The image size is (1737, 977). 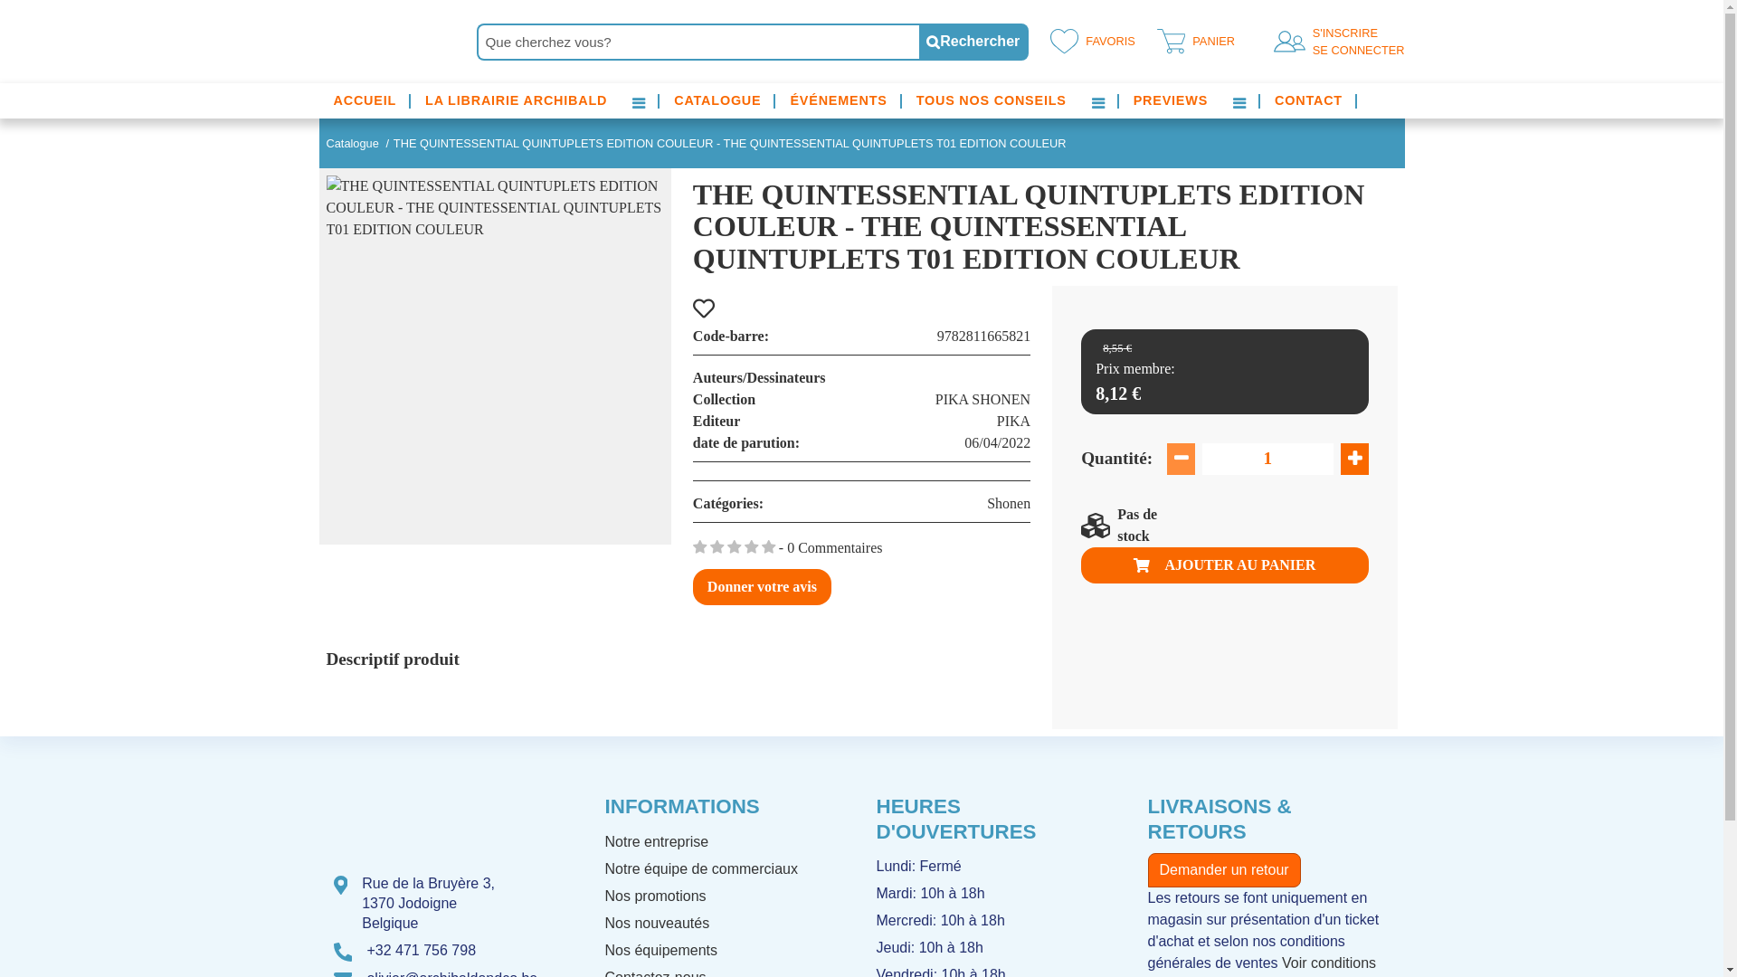 What do you see at coordinates (654, 896) in the screenshot?
I see `'Nos promotions'` at bounding box center [654, 896].